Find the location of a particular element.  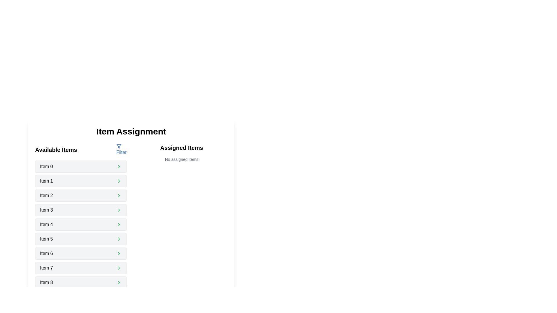

the list item labeled 'Item 3' in the 'Available Items' section is located at coordinates (80, 210).